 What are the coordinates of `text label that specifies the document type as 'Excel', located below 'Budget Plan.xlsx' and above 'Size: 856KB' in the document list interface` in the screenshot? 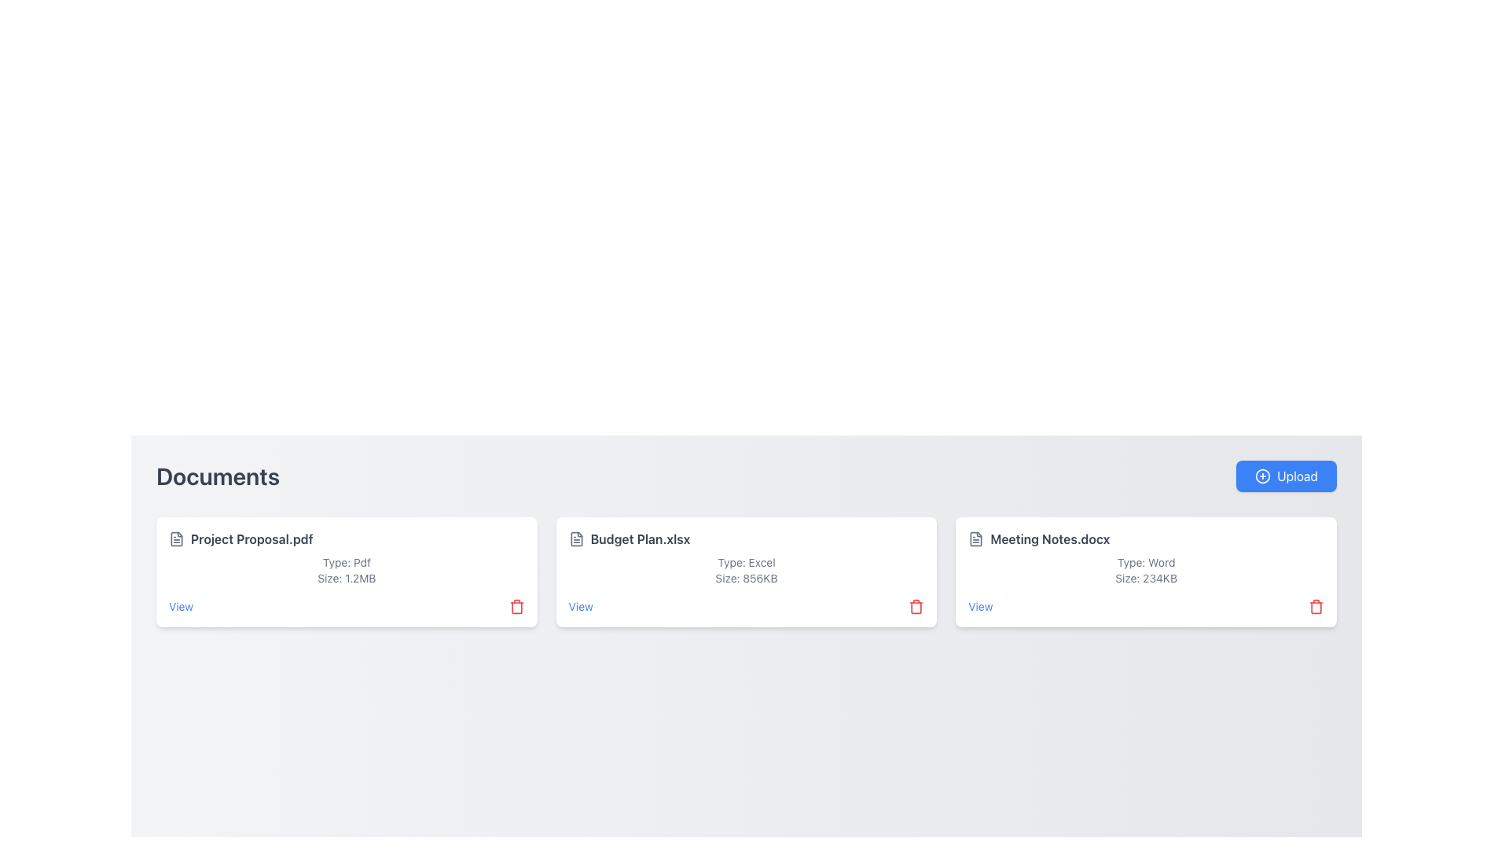 It's located at (746, 562).